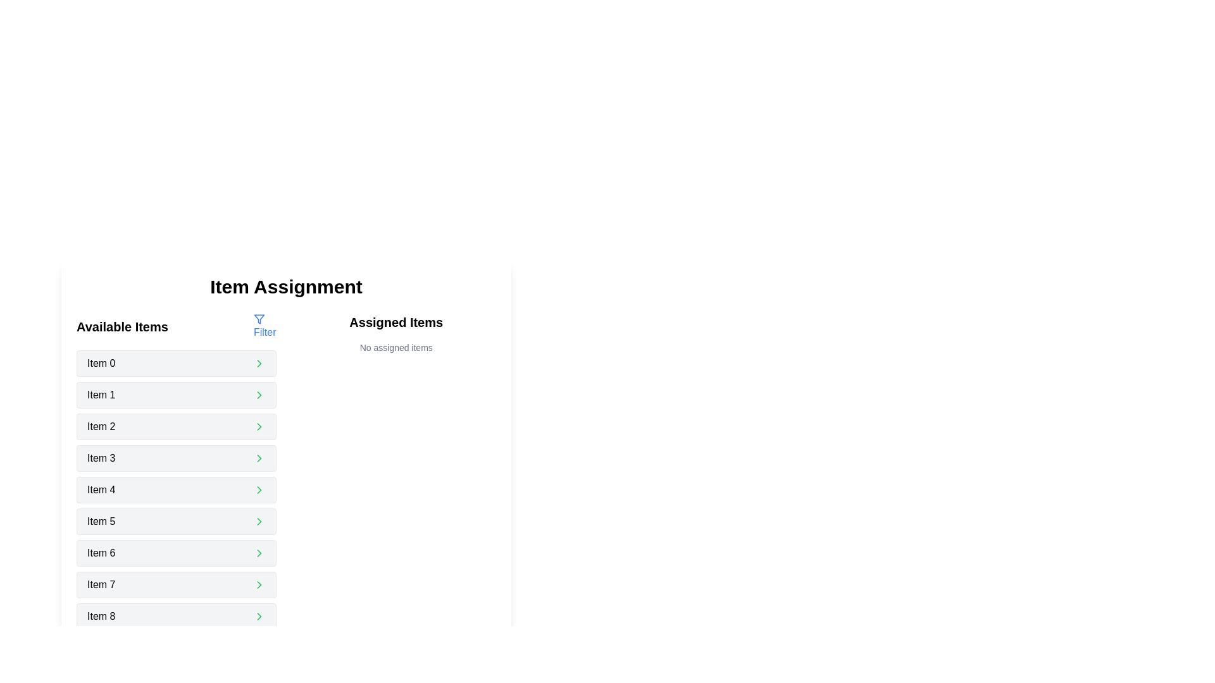 The width and height of the screenshot is (1215, 683). Describe the element at coordinates (101, 394) in the screenshot. I see `the static text label displaying 'Item 1', which is the second item under the 'Available Items' heading and is located within a styled rectangle with a light gray background` at that location.